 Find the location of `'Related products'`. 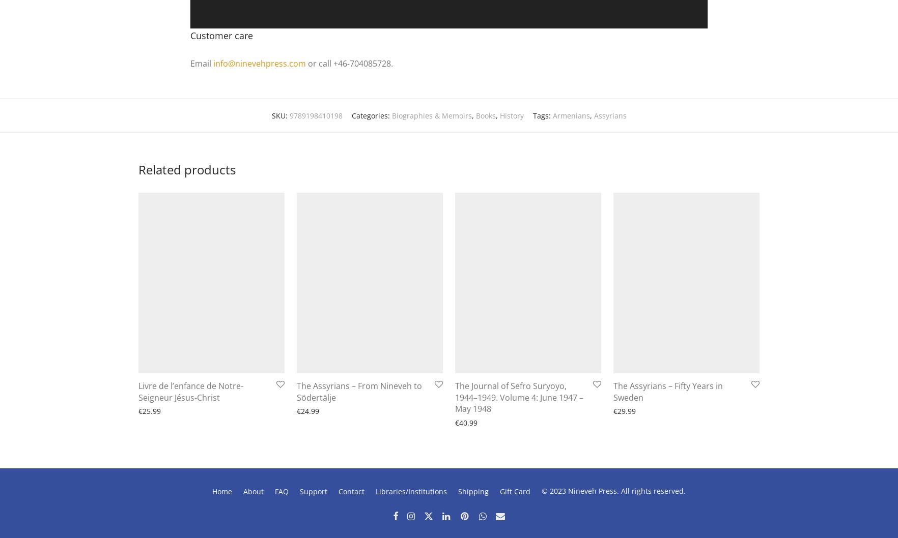

'Related products' is located at coordinates (187, 168).